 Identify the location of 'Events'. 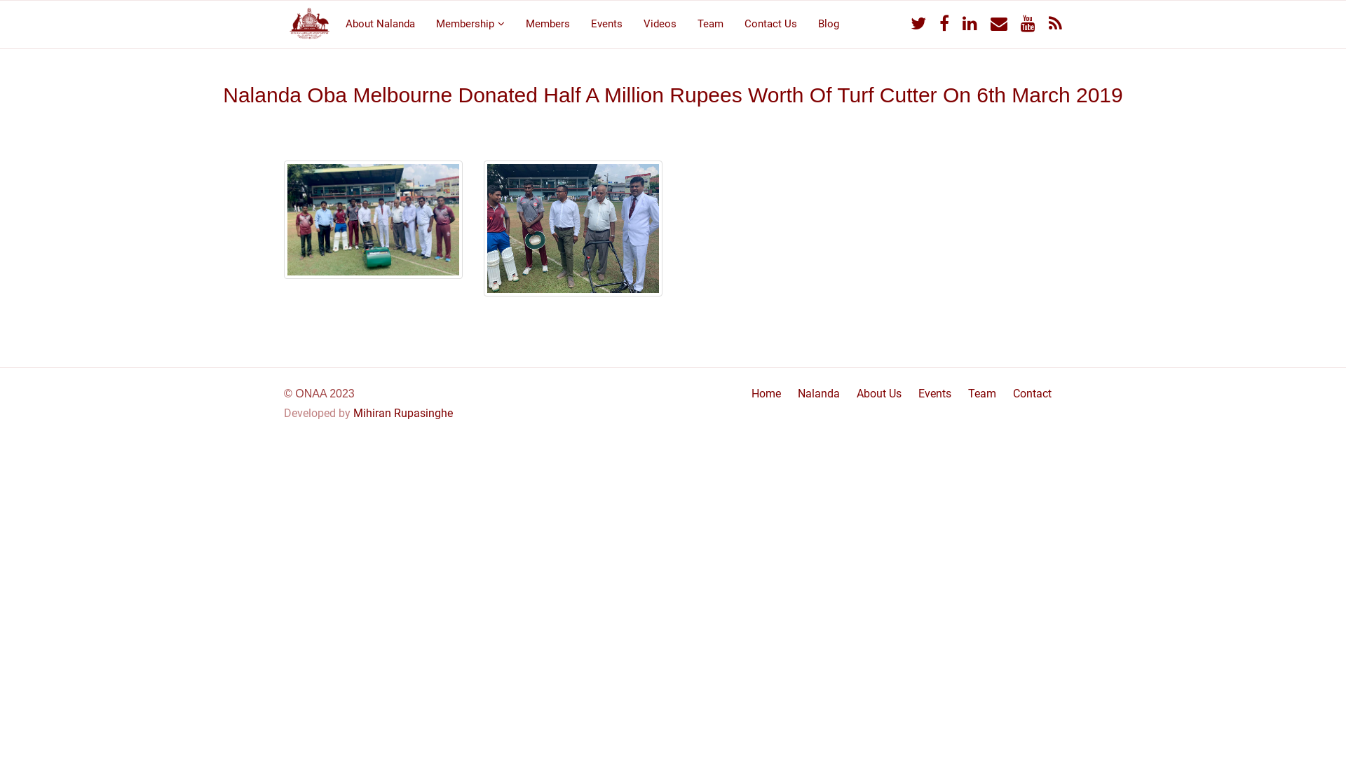
(606, 22).